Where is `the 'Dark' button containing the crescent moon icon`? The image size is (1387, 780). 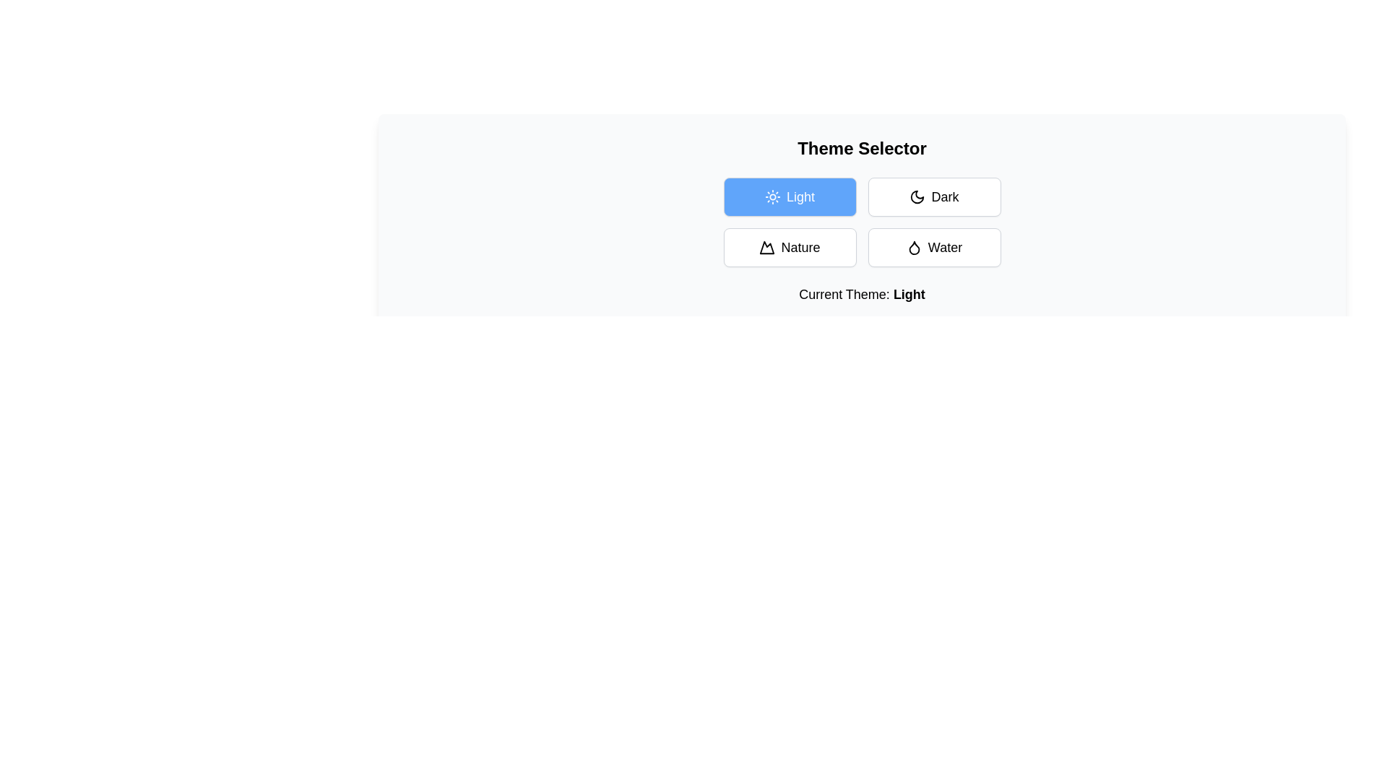 the 'Dark' button containing the crescent moon icon is located at coordinates (917, 197).